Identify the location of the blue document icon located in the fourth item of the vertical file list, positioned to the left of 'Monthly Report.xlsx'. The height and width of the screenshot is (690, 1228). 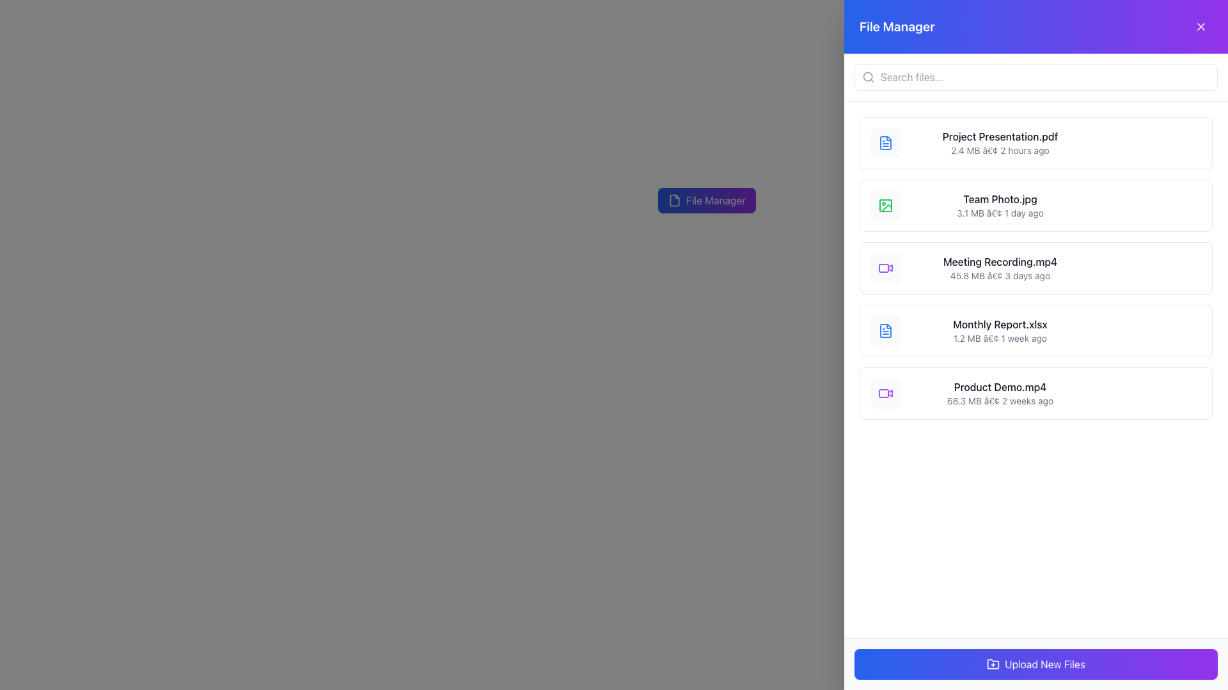
(885, 330).